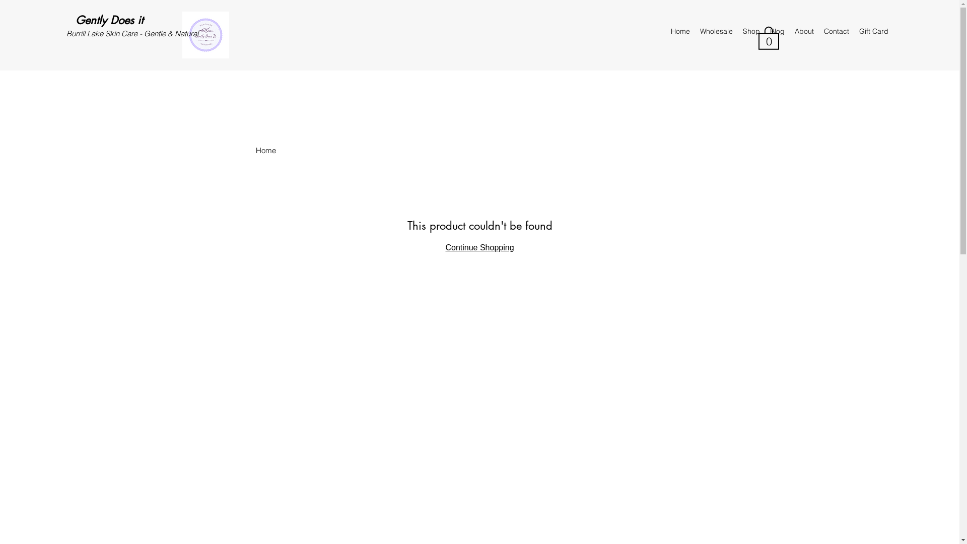  I want to click on 'Home', so click(680, 30).